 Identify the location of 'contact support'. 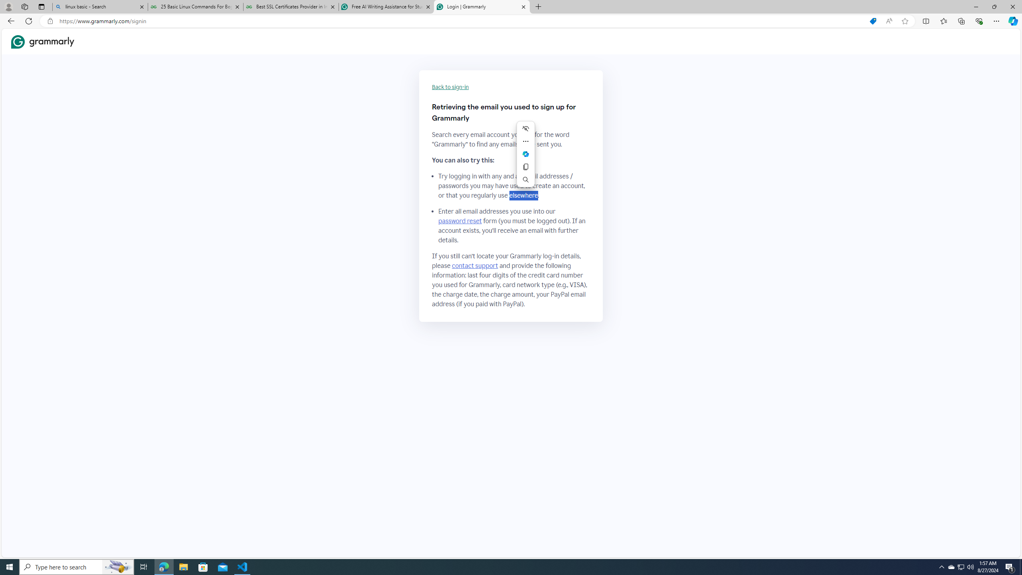
(475, 266).